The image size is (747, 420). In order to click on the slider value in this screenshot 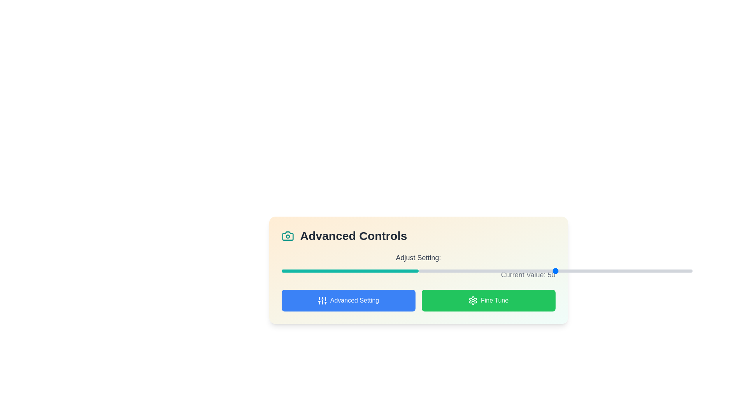, I will do `click(673, 271)`.